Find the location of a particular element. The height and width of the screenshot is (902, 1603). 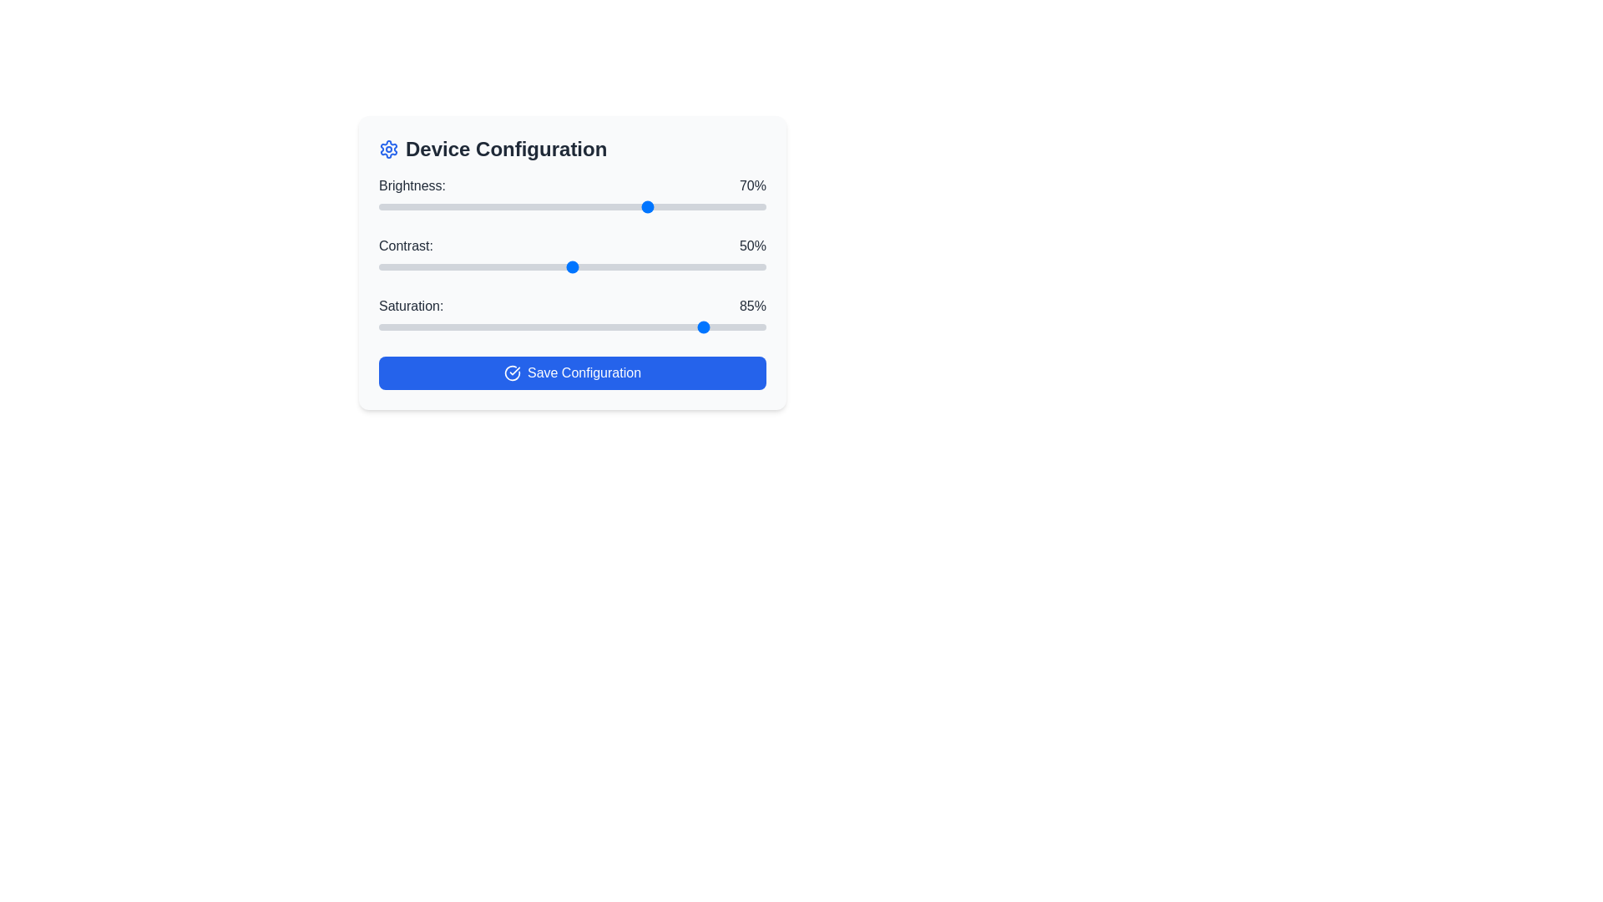

the wide blue button labeled 'Save Configuration' at the bottom of the configuration panel is located at coordinates (573, 372).